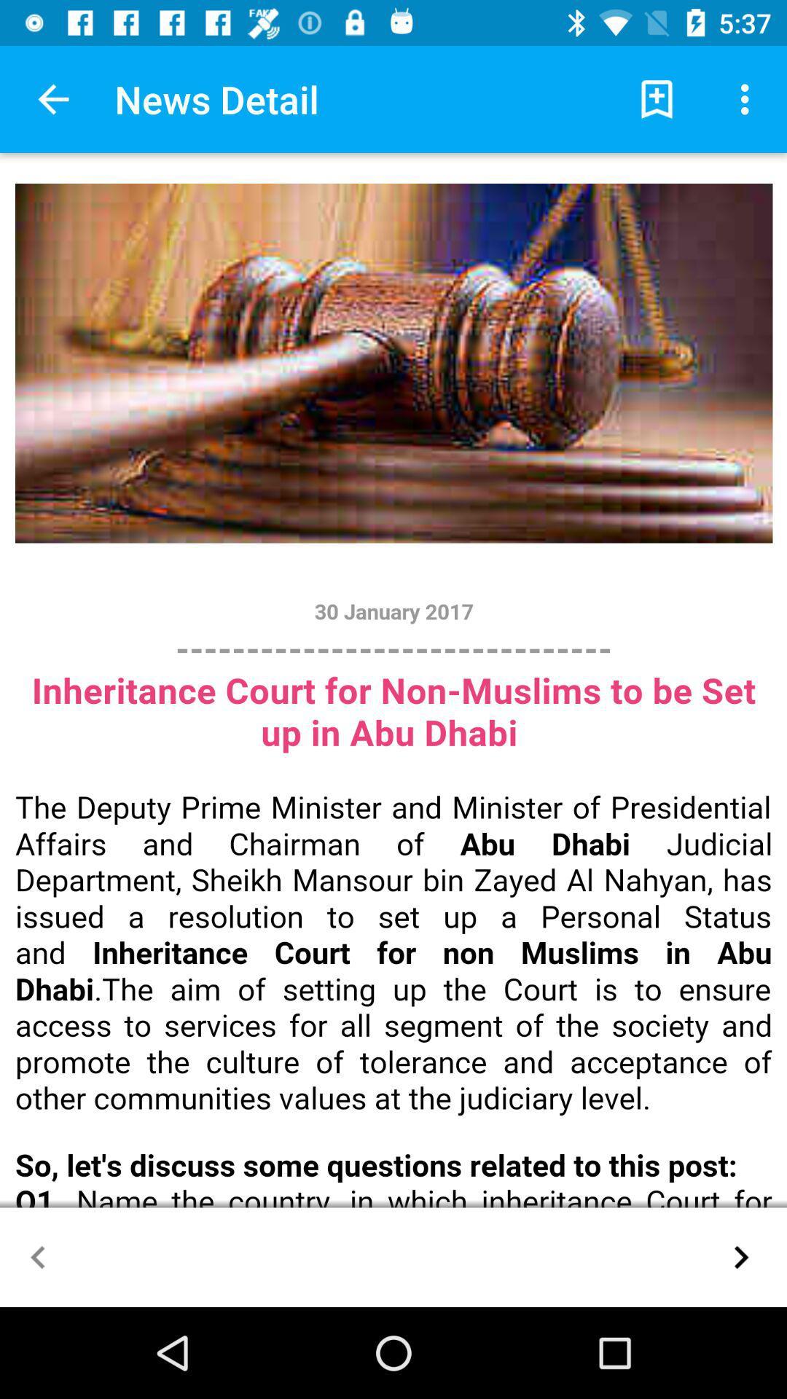  Describe the element at coordinates (37, 1256) in the screenshot. I see `the arrow_backward icon` at that location.